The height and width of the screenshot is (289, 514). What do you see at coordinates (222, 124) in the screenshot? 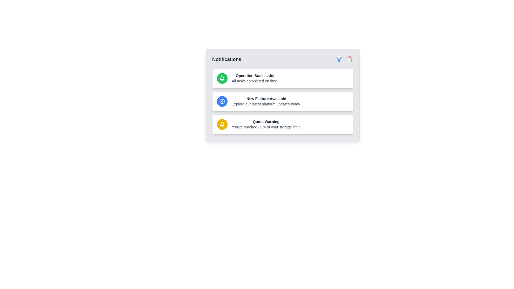
I see `the circular notification icon with a yellow background and a white bell icon, located in the Notification panel beside the 'Quota Warning' notification` at bounding box center [222, 124].